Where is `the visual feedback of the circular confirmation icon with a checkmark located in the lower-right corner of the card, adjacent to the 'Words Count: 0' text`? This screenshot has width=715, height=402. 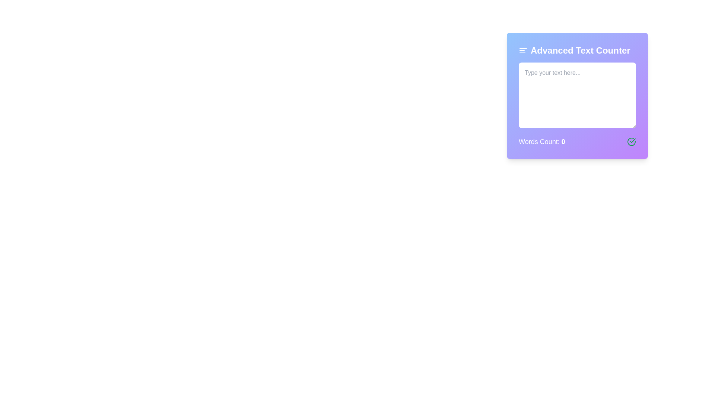 the visual feedback of the circular confirmation icon with a checkmark located in the lower-right corner of the card, adjacent to the 'Words Count: 0' text is located at coordinates (631, 142).